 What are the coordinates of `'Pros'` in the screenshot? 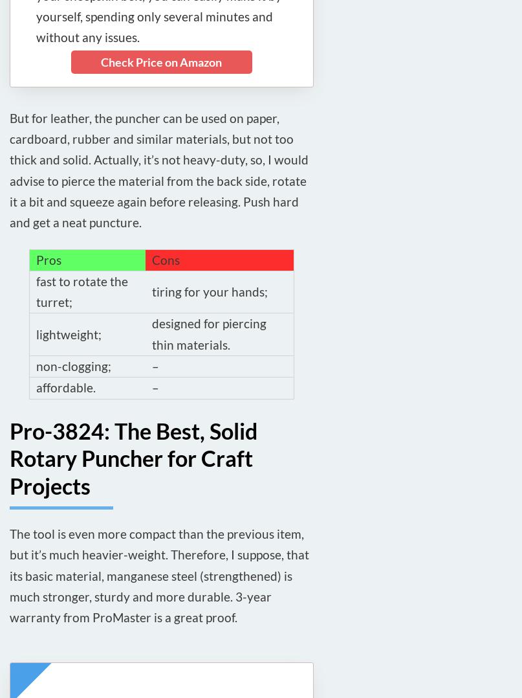 It's located at (49, 258).